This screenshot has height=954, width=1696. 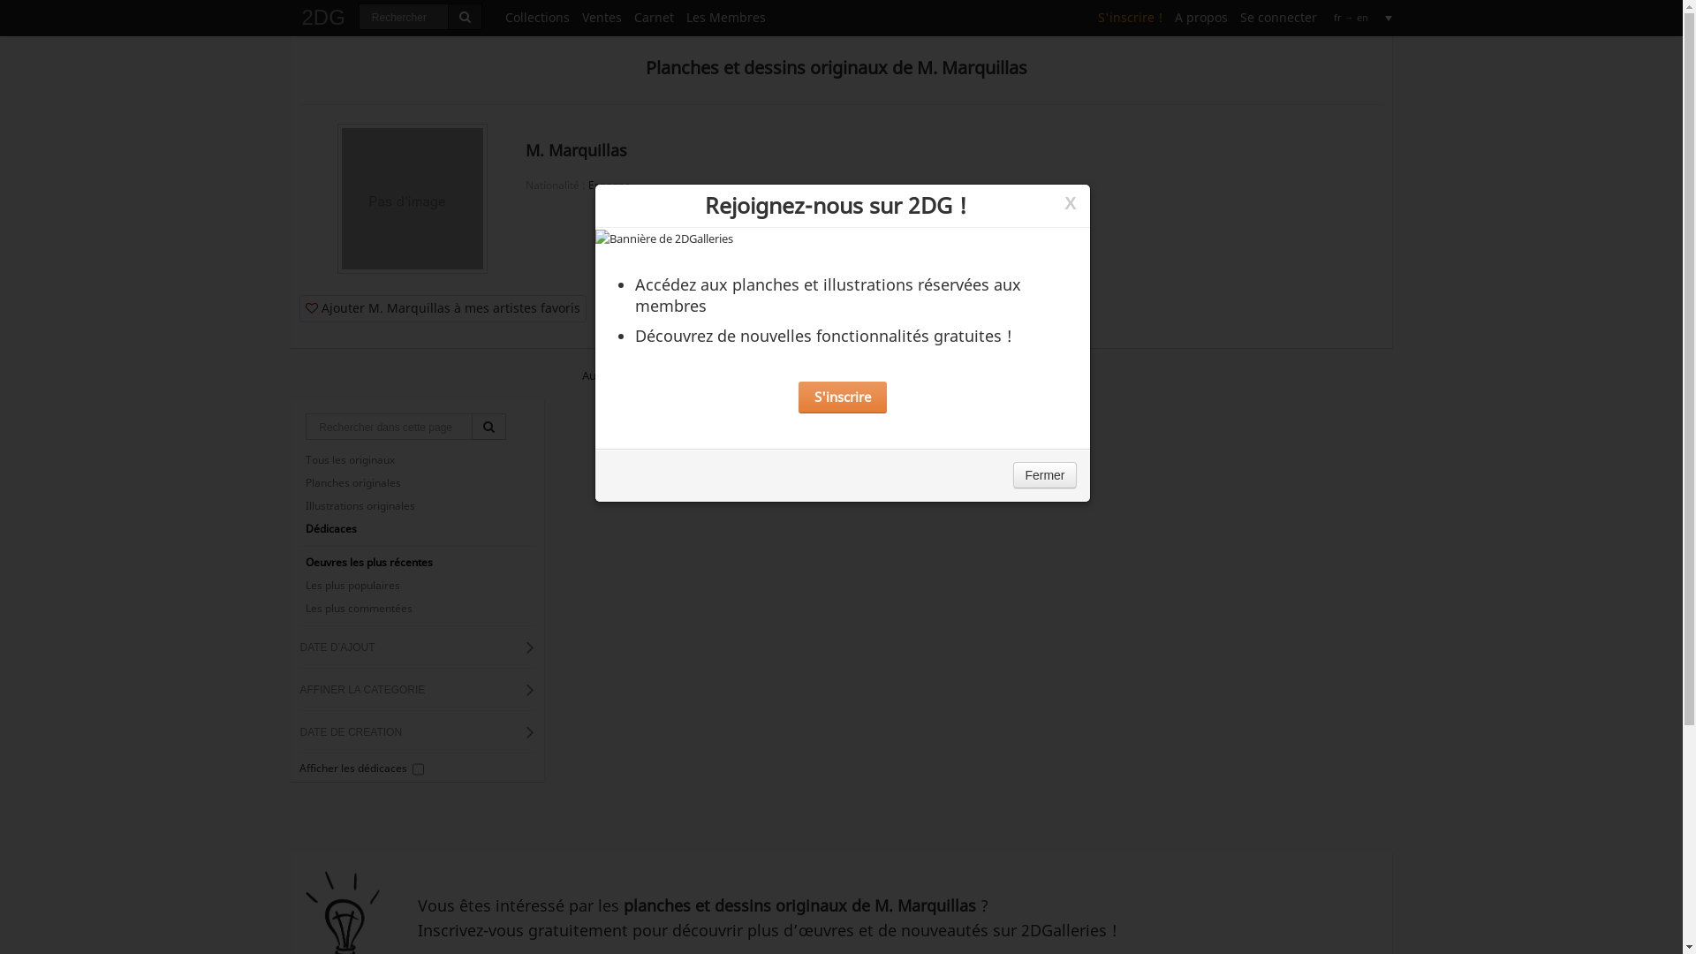 I want to click on 'Fermer', so click(x=1044, y=473).